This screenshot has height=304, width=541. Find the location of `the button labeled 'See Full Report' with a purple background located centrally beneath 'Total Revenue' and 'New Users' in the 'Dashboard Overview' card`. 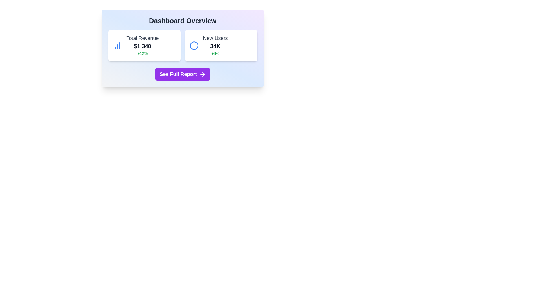

the button labeled 'See Full Report' with a purple background located centrally beneath 'Total Revenue' and 'New Users' in the 'Dashboard Overview' card is located at coordinates (183, 74).